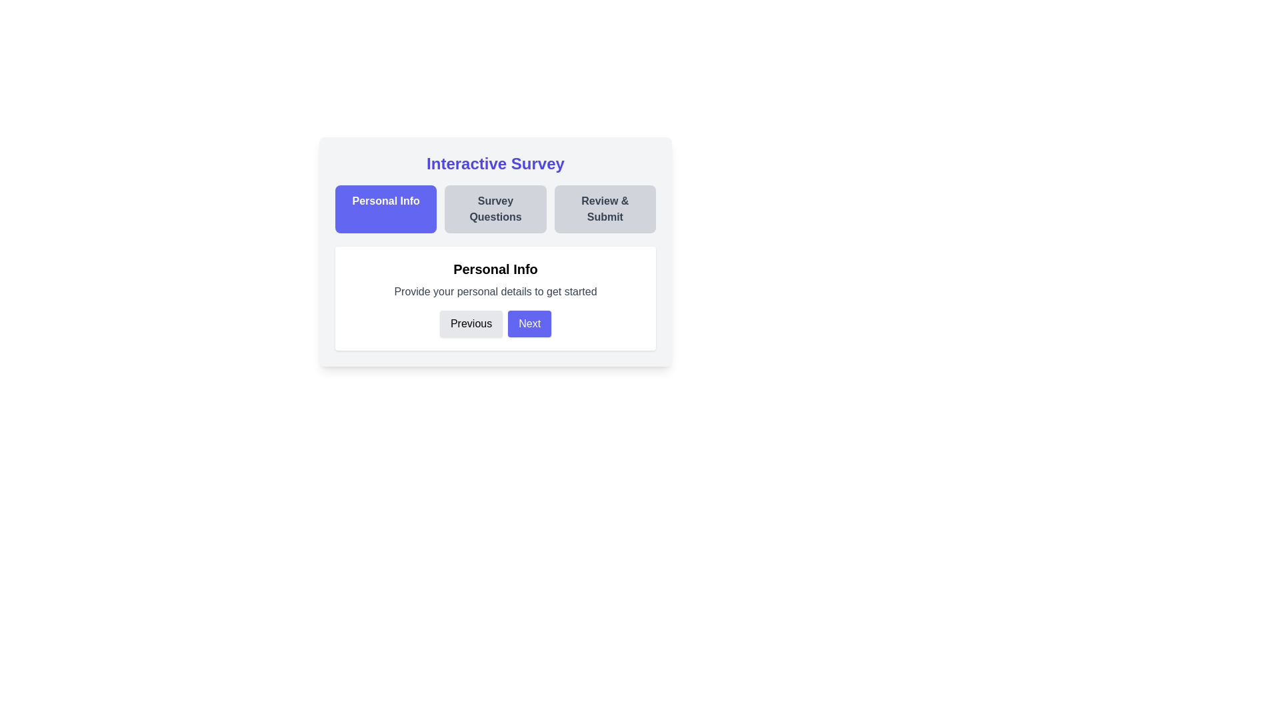 Image resolution: width=1280 pixels, height=720 pixels. Describe the element at coordinates (471, 324) in the screenshot. I see `the Previous button to navigate through the survey steps` at that location.